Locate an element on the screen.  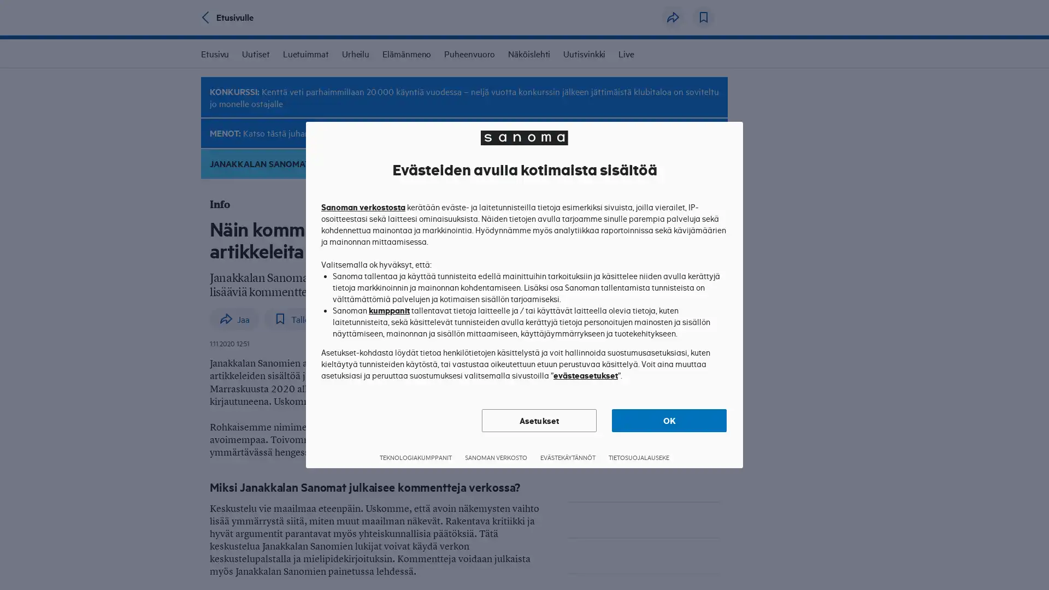
Jaa is located at coordinates (234, 318).